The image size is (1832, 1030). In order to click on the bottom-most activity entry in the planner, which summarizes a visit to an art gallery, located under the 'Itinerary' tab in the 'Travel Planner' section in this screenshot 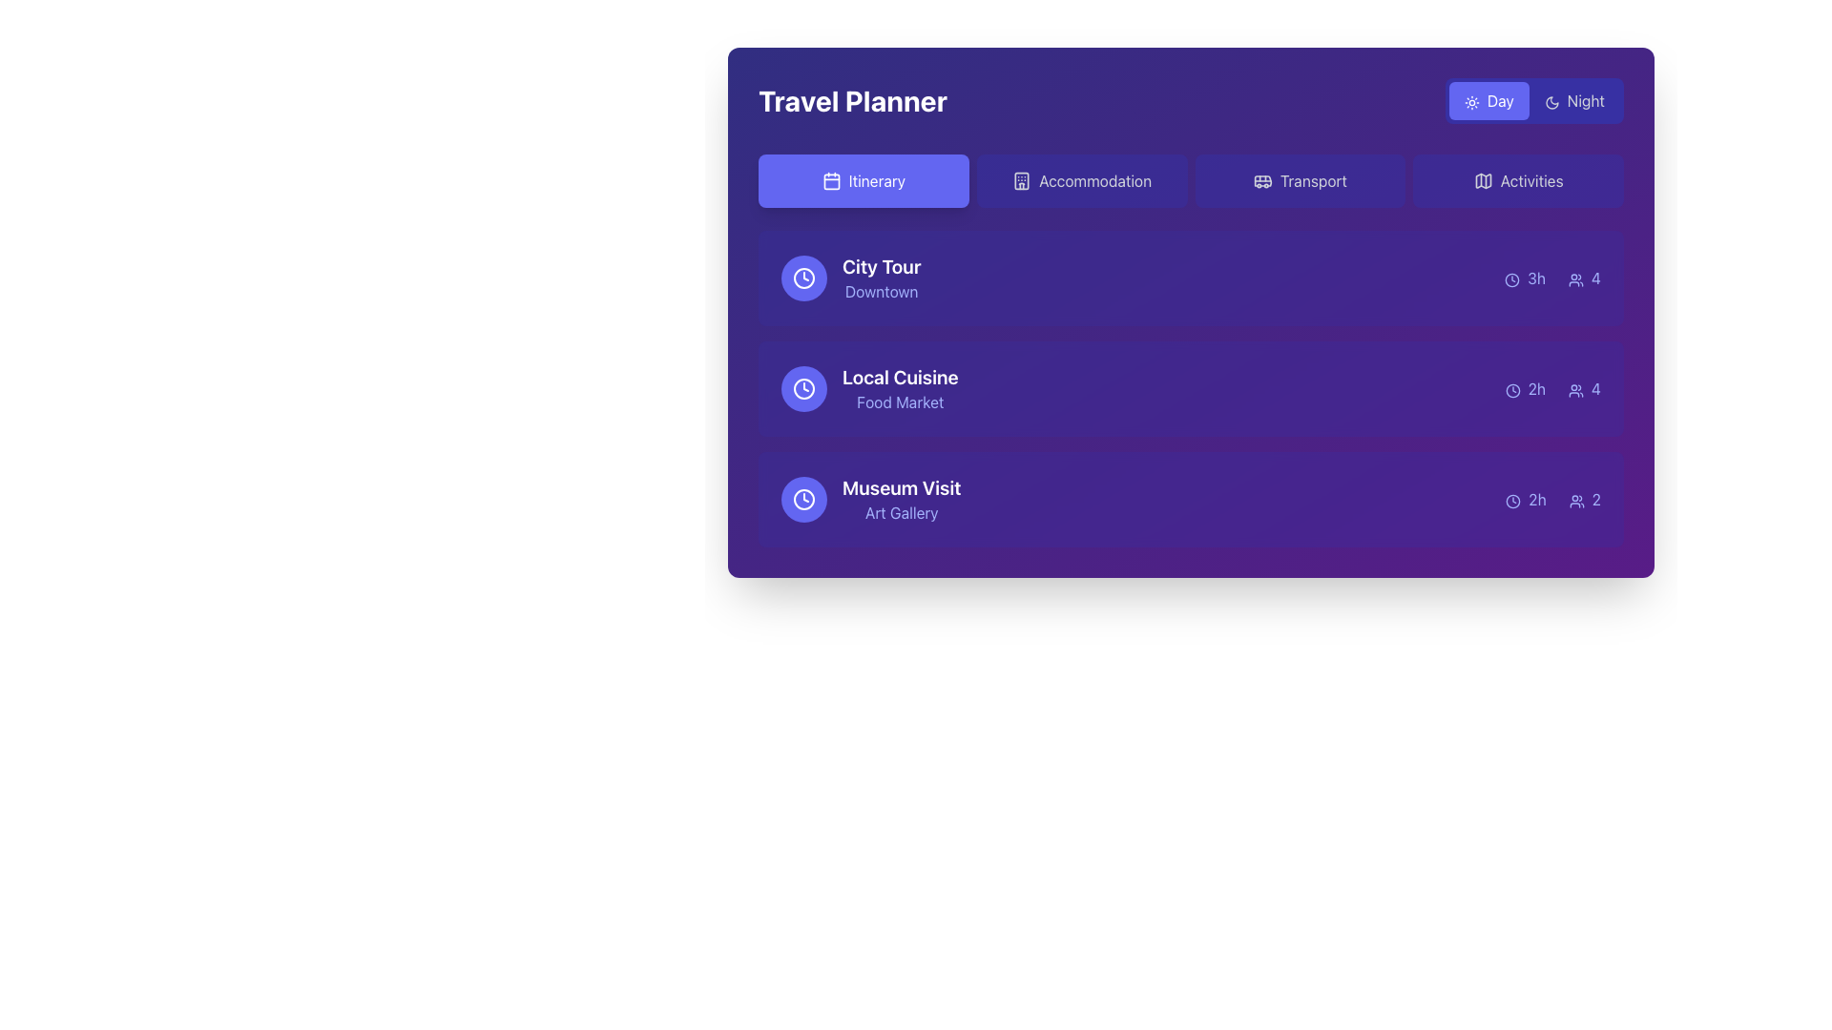, I will do `click(1190, 499)`.